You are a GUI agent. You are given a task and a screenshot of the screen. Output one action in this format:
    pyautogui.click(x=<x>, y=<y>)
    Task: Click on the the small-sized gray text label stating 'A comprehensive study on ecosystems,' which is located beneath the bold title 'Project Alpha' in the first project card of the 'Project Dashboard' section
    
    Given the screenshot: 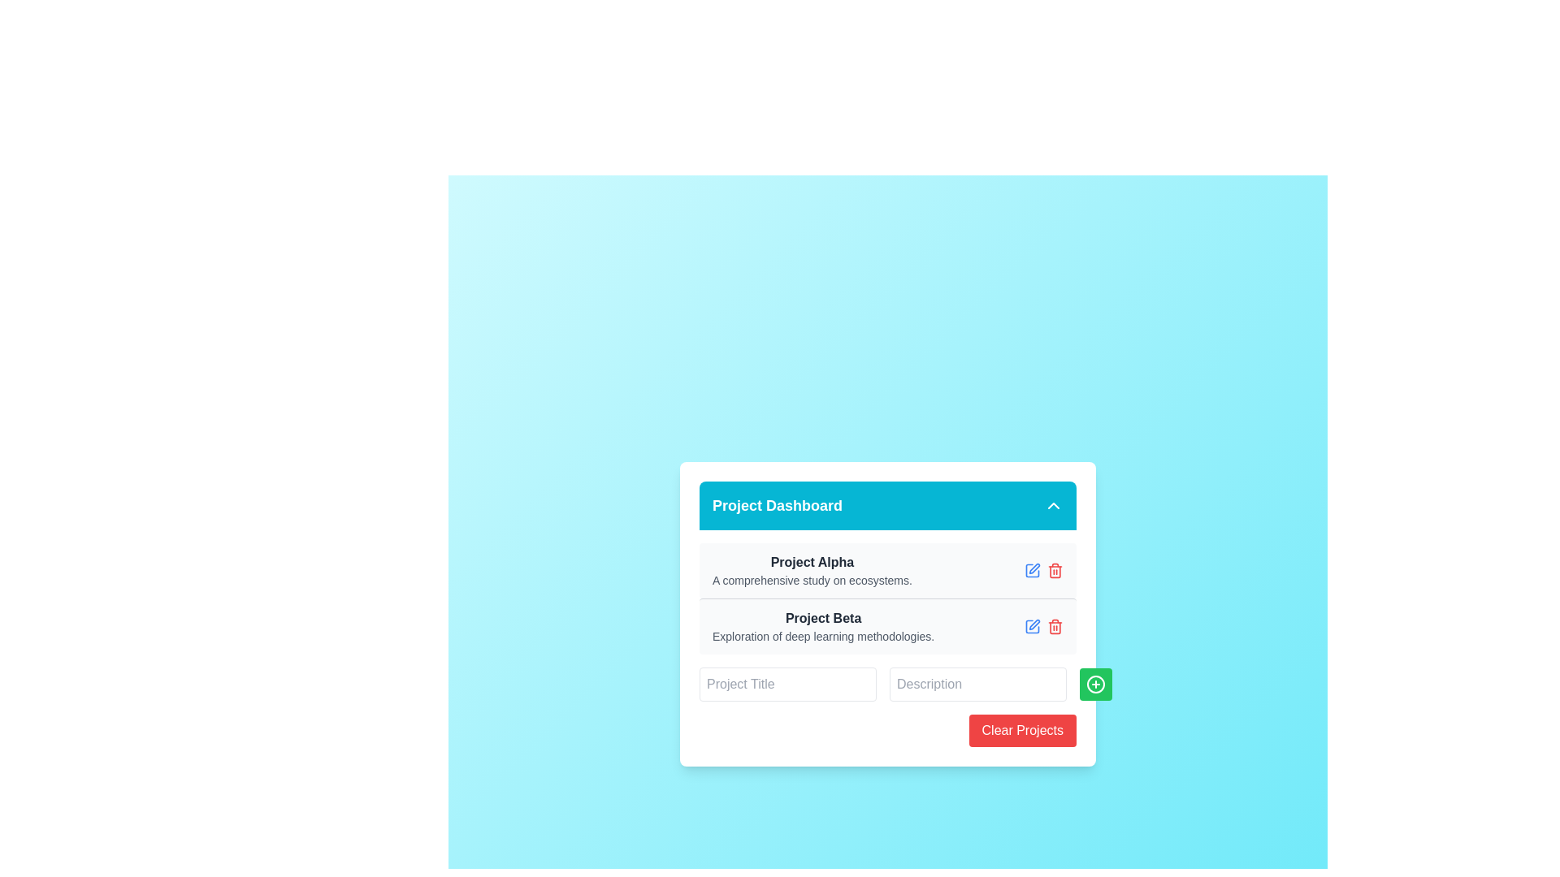 What is the action you would take?
    pyautogui.click(x=812, y=579)
    